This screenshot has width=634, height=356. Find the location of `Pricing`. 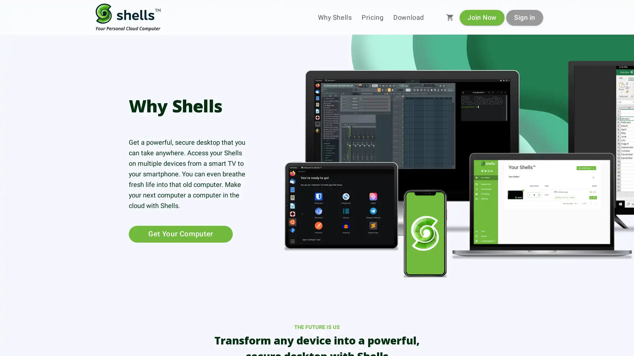

Pricing is located at coordinates (372, 17).